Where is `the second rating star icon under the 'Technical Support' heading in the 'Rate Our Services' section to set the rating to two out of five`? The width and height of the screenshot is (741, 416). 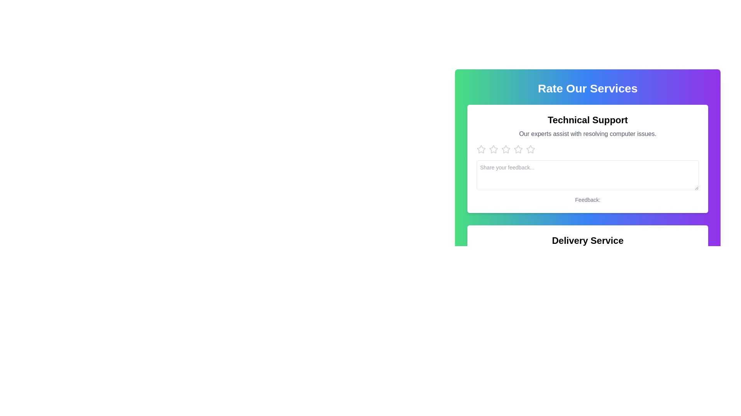 the second rating star icon under the 'Technical Support' heading in the 'Rate Our Services' section to set the rating to two out of five is located at coordinates (518, 149).